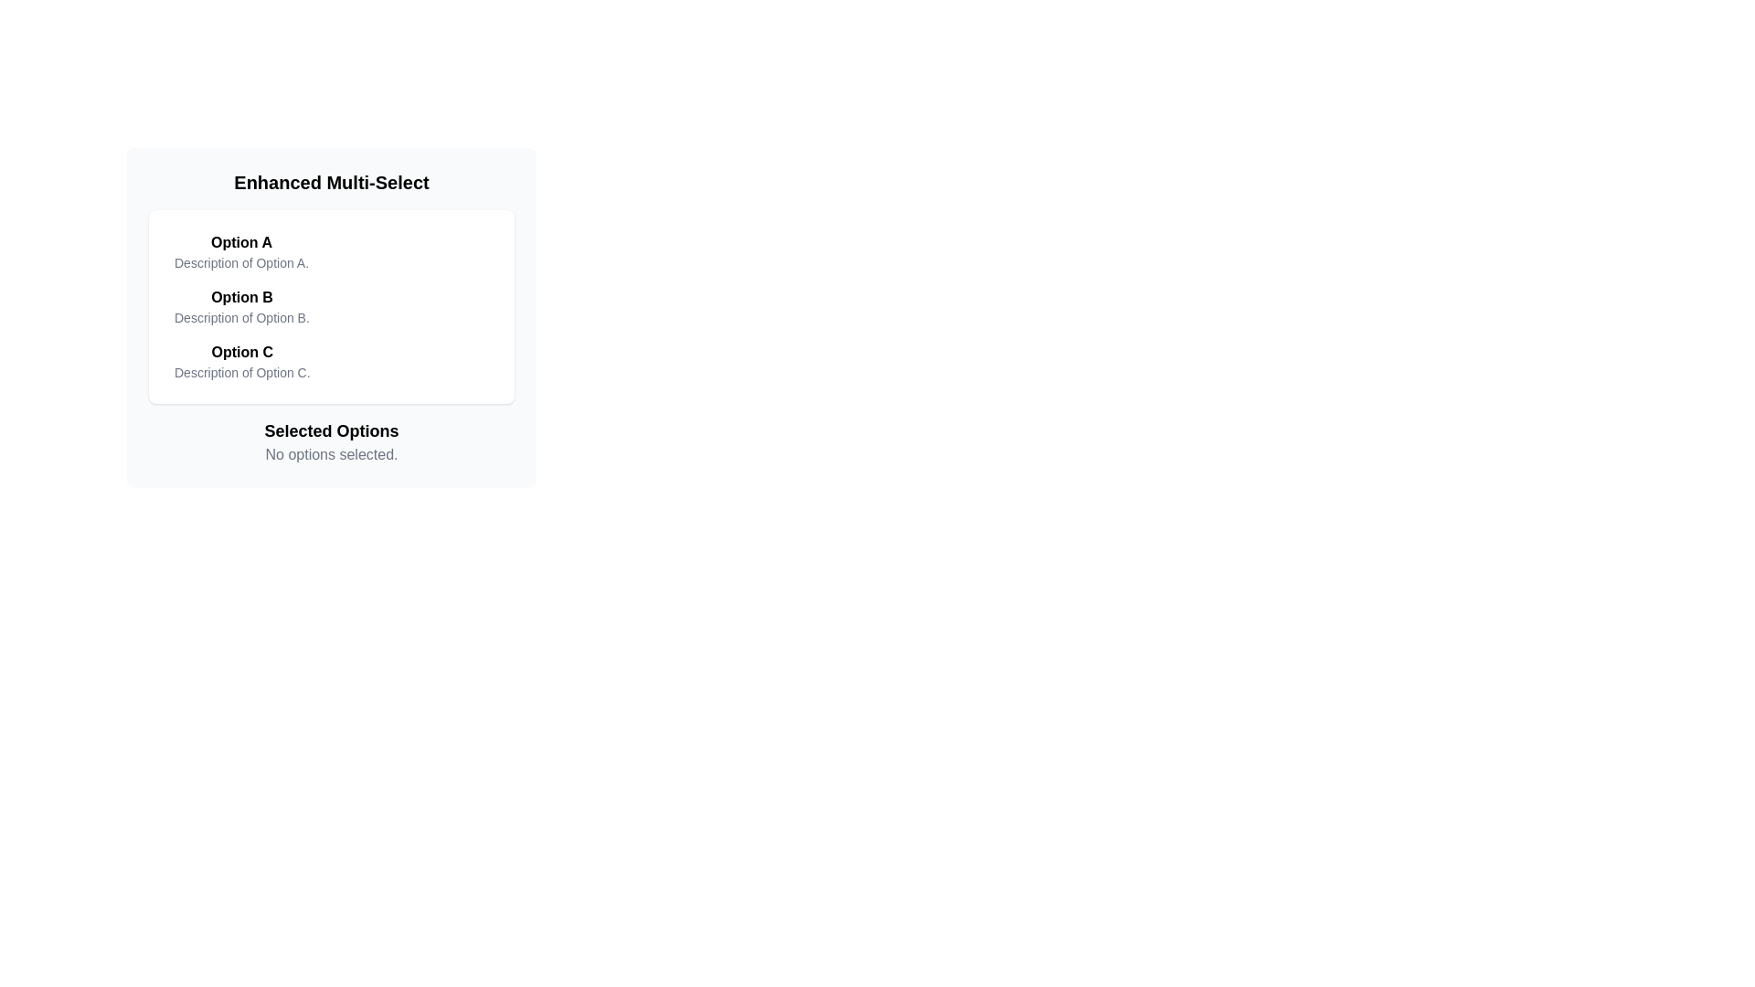 The height and width of the screenshot is (987, 1755). What do you see at coordinates (241, 362) in the screenshot?
I see `the third option labeled 'Option C'` at bounding box center [241, 362].